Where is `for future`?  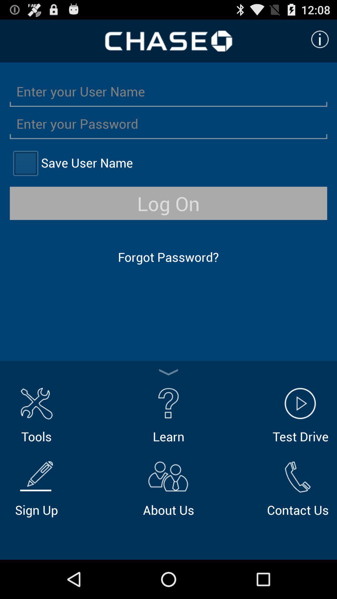 for future is located at coordinates (25, 163).